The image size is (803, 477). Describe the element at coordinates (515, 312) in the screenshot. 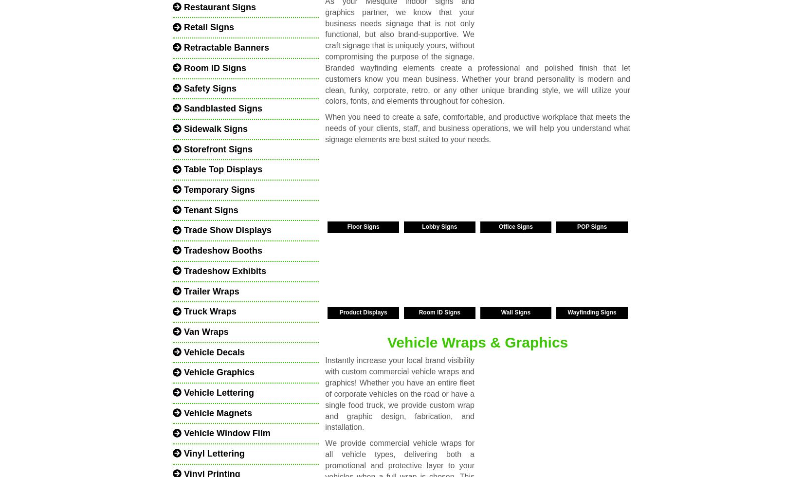

I see `'Wall Signs'` at that location.